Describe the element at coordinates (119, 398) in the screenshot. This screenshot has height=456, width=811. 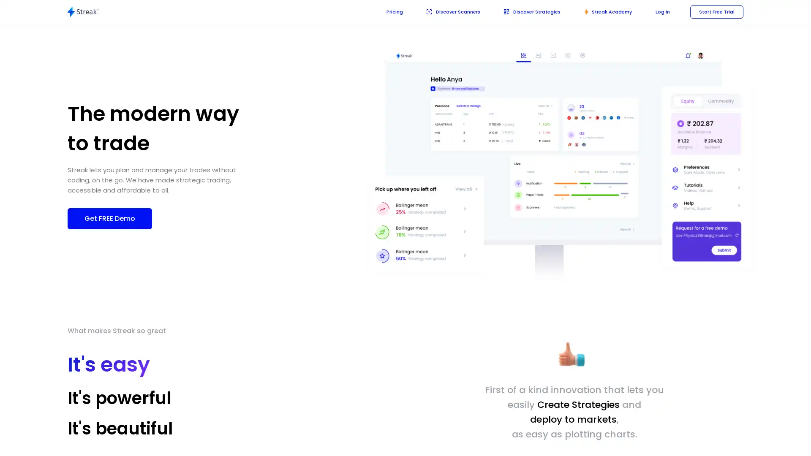
I see `It's powerful` at that location.